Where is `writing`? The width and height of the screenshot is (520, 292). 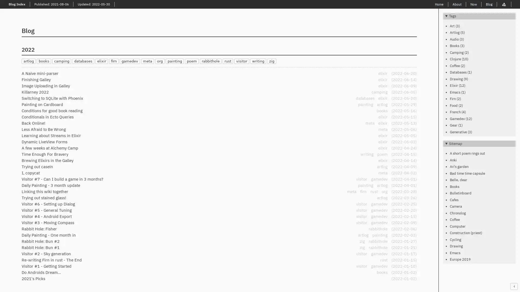 writing is located at coordinates (258, 61).